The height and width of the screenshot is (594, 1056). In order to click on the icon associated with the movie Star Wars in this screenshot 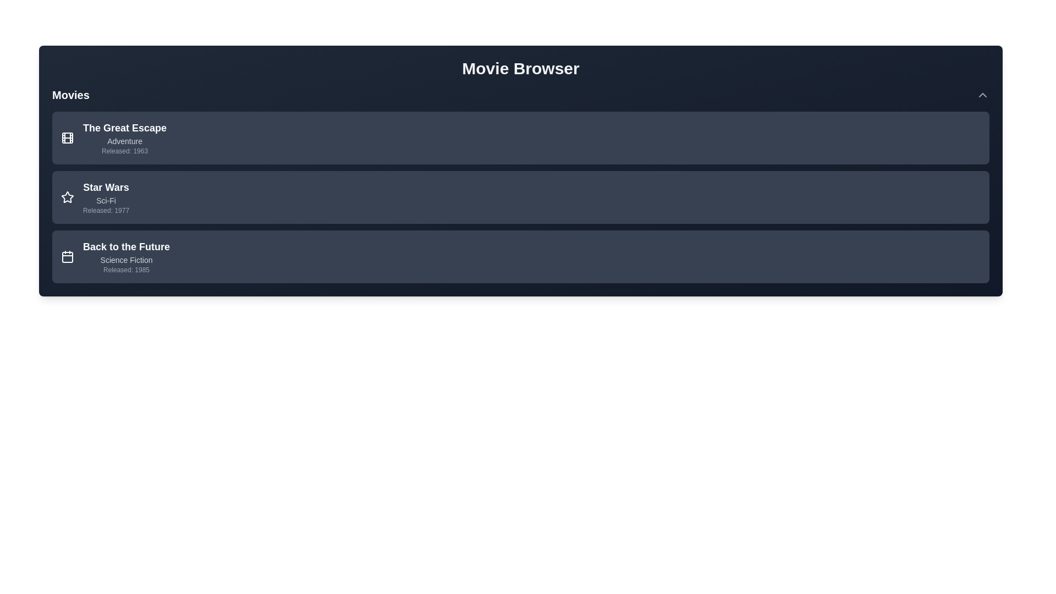, I will do `click(67, 196)`.